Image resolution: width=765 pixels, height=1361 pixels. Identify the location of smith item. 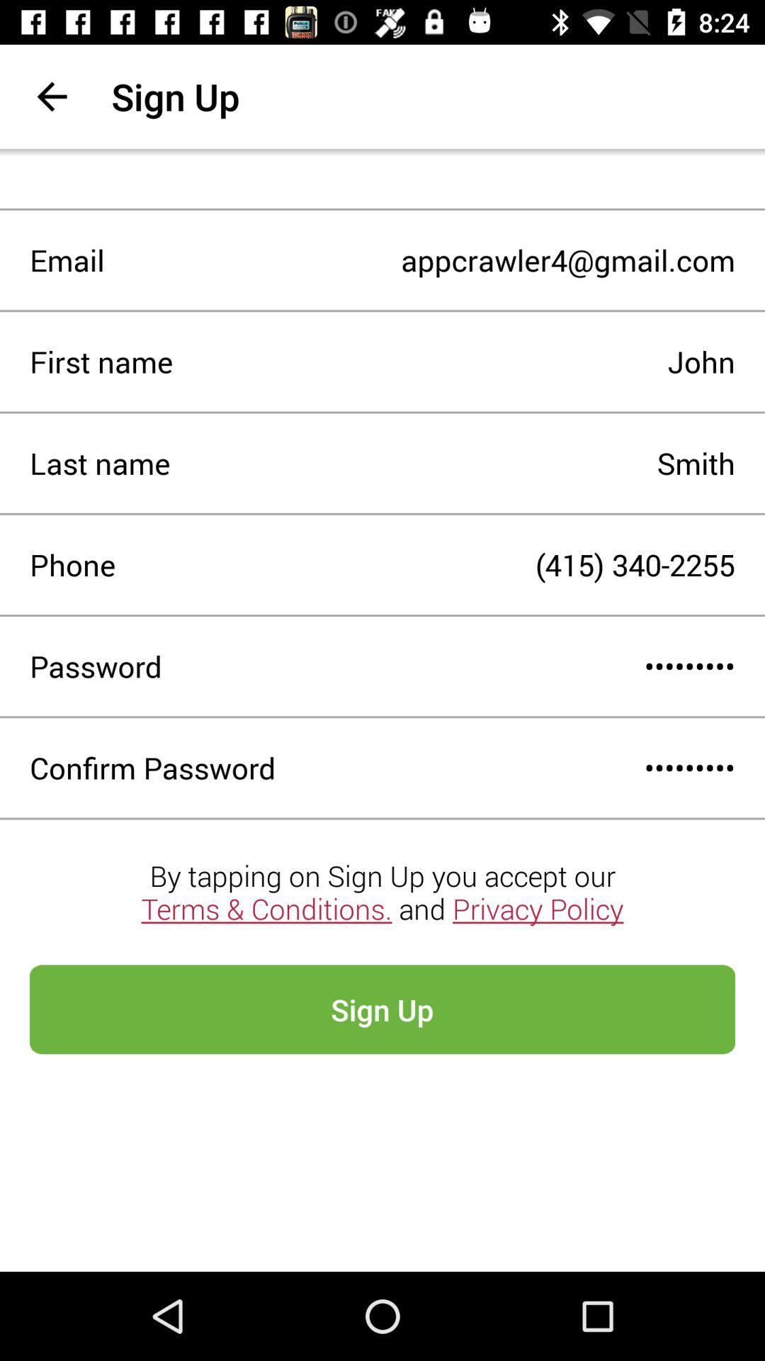
(453, 463).